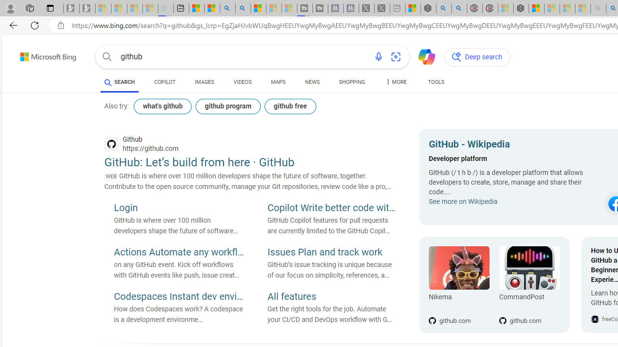 This screenshot has height=347, width=618. What do you see at coordinates (459, 284) in the screenshot?
I see `'Nikema Nikema github.com'` at bounding box center [459, 284].